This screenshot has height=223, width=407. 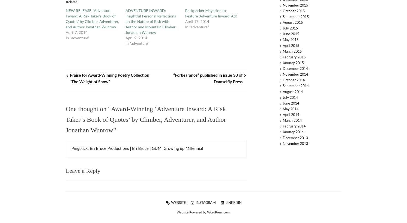 What do you see at coordinates (295, 5) in the screenshot?
I see `'November 2015'` at bounding box center [295, 5].